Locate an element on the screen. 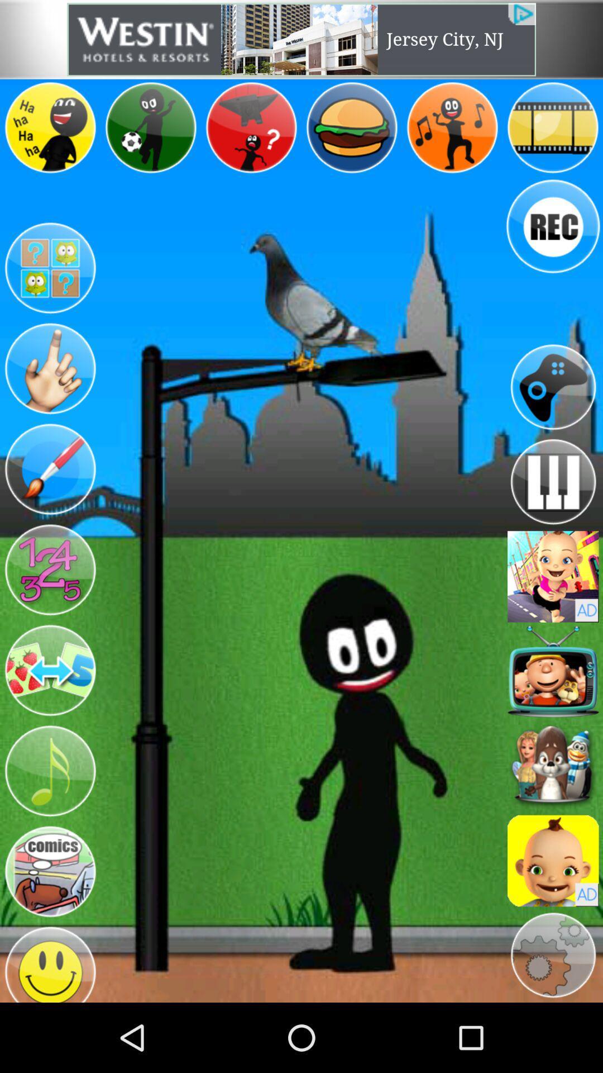 Image resolution: width=603 pixels, height=1073 pixels. the edit icon is located at coordinates (49, 501).